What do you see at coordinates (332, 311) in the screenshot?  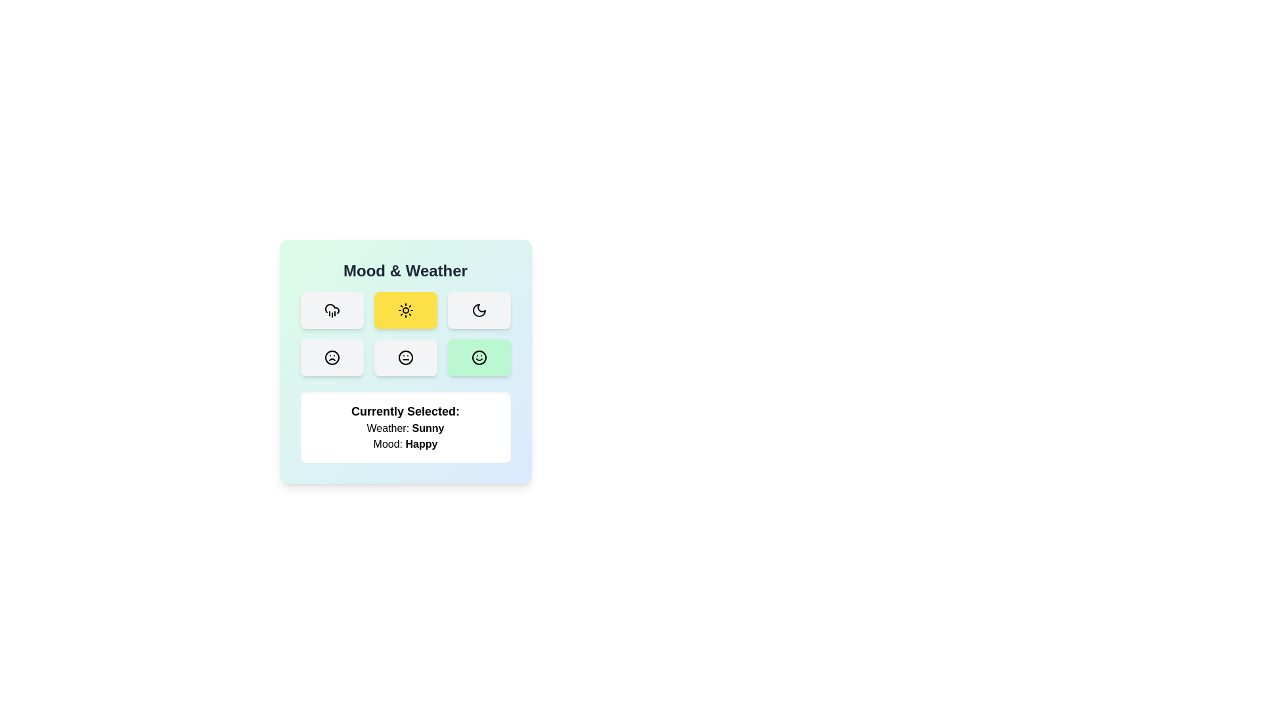 I see `the rectangular button with rounded corners and a light gray background, which contains a black cloud icon with raindrops, located in the top-left corner of the grid under 'Mood & Weather'` at bounding box center [332, 311].